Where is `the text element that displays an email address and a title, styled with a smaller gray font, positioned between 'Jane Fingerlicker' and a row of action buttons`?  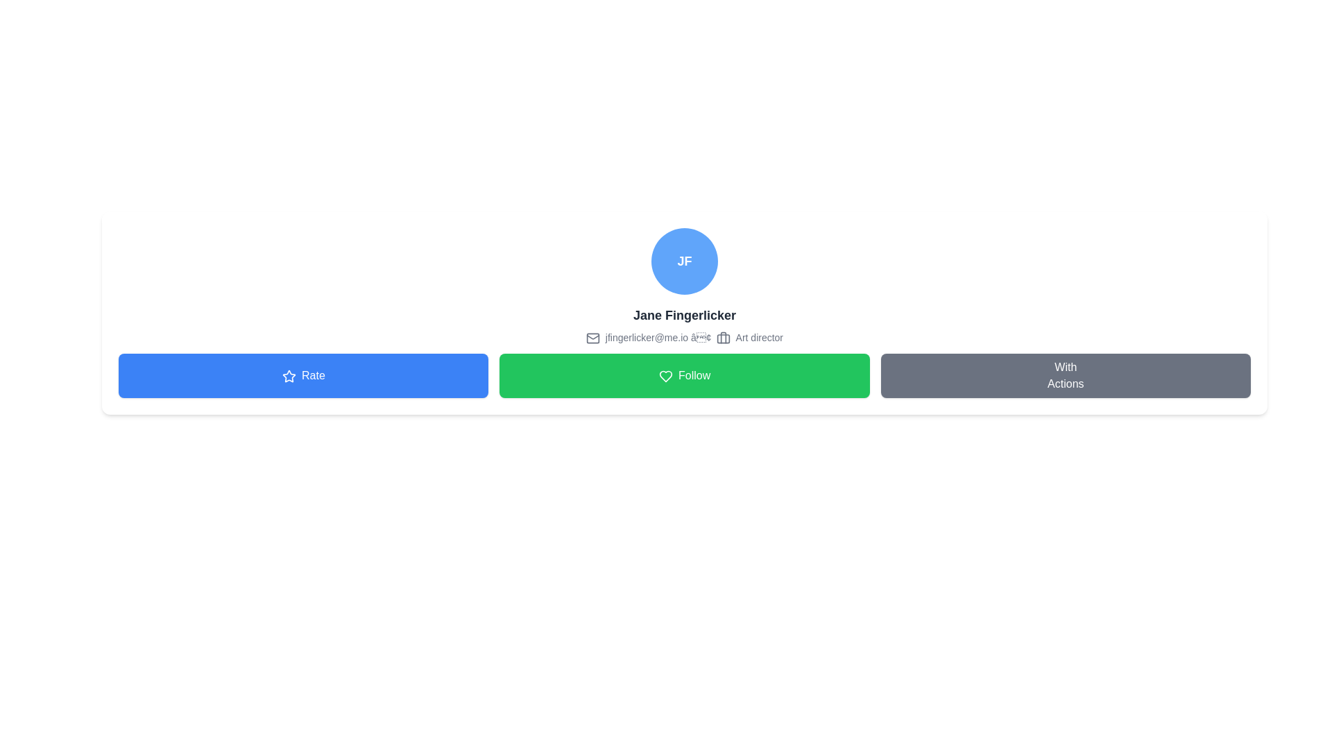
the text element that displays an email address and a title, styled with a smaller gray font, positioned between 'Jane Fingerlicker' and a row of action buttons is located at coordinates (685, 337).